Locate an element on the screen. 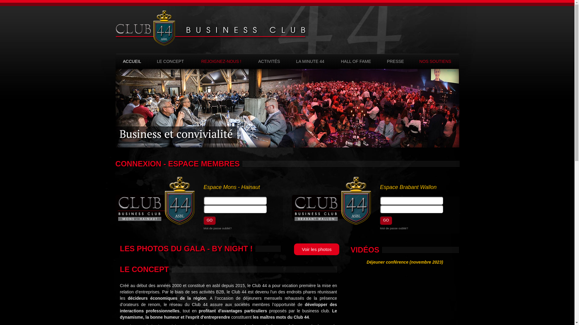 Image resolution: width=579 pixels, height=325 pixels. 'Club 44 - Brabant Wallon' is located at coordinates (331, 201).